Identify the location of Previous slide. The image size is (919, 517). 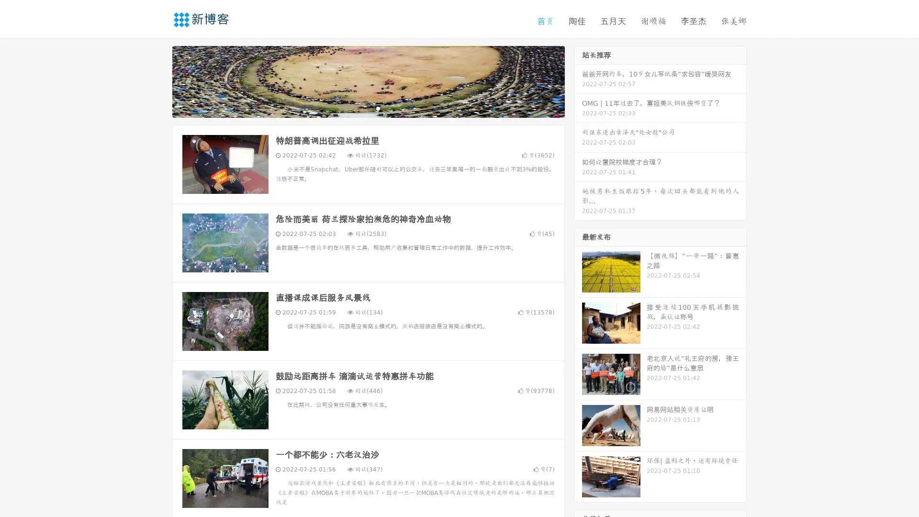
(158, 80).